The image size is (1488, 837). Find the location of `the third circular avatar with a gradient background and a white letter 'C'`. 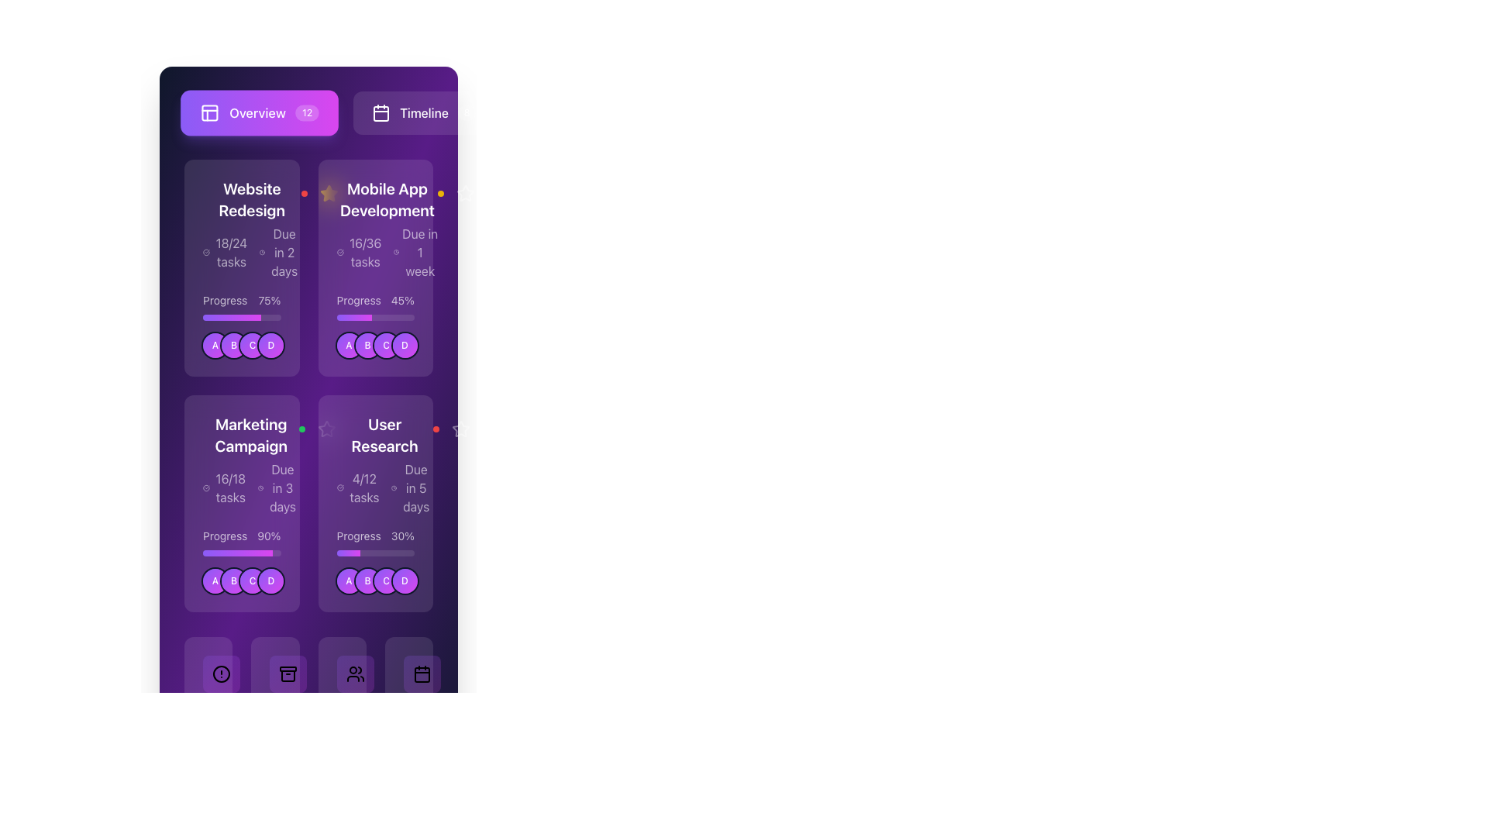

the third circular avatar with a gradient background and a white letter 'C' is located at coordinates (386, 580).